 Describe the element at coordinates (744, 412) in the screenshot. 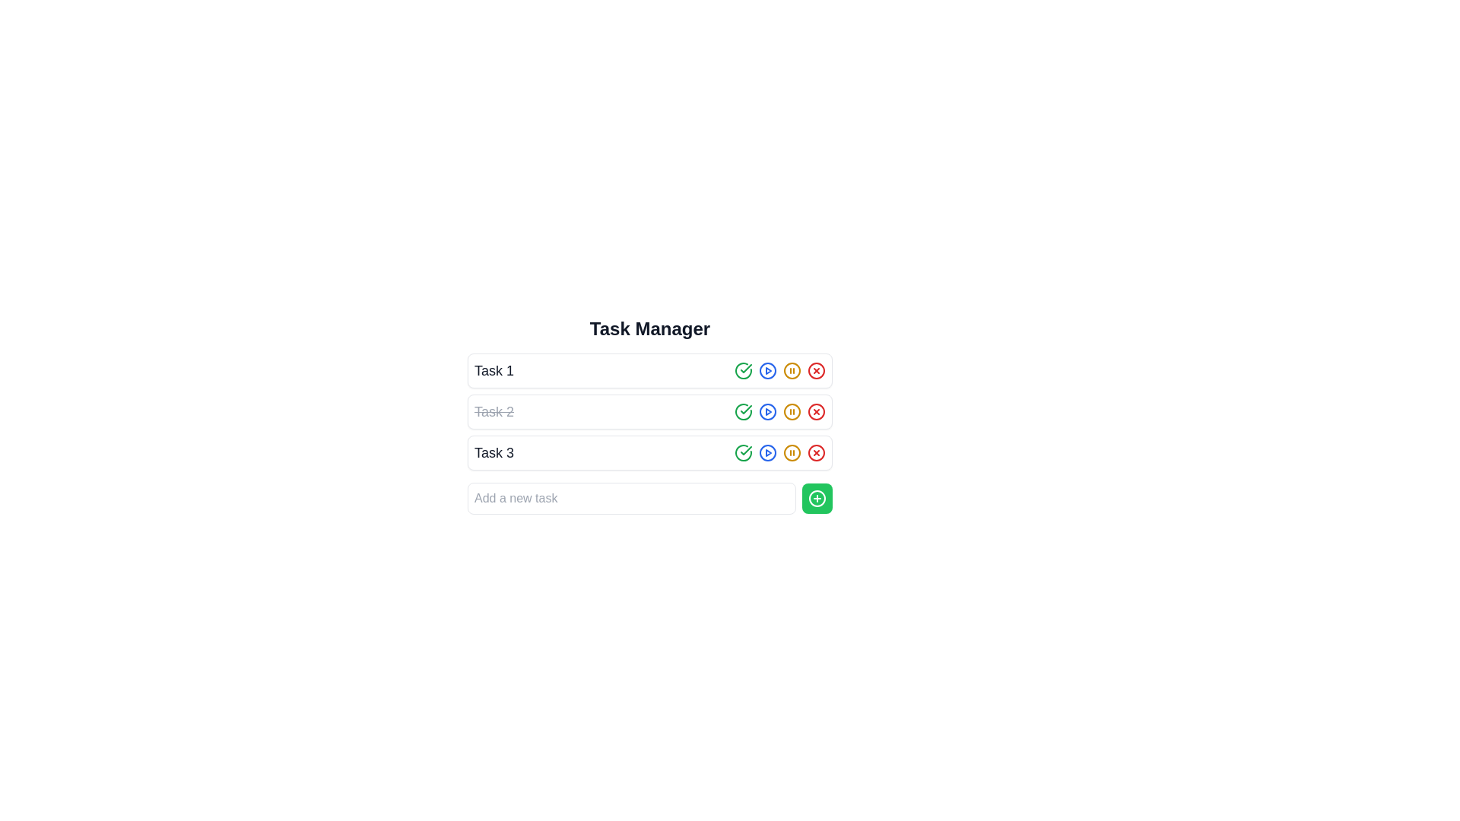

I see `the checkmark icon in the 'Task 2' row of the task management list` at that location.